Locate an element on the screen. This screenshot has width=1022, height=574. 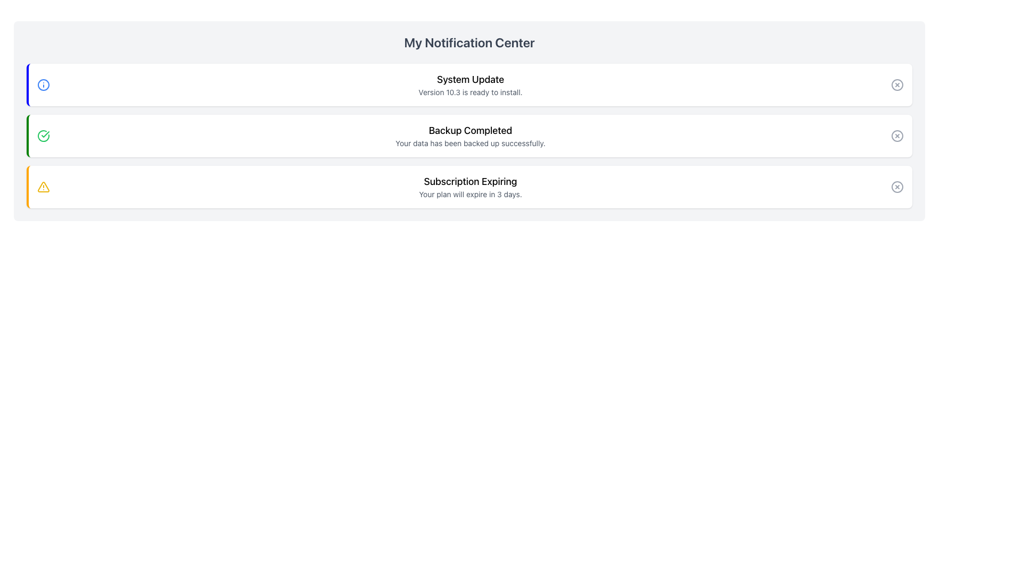
the circular close button with an 'X' icon located at the right side of the 'System Update' notification card is located at coordinates (896, 84).